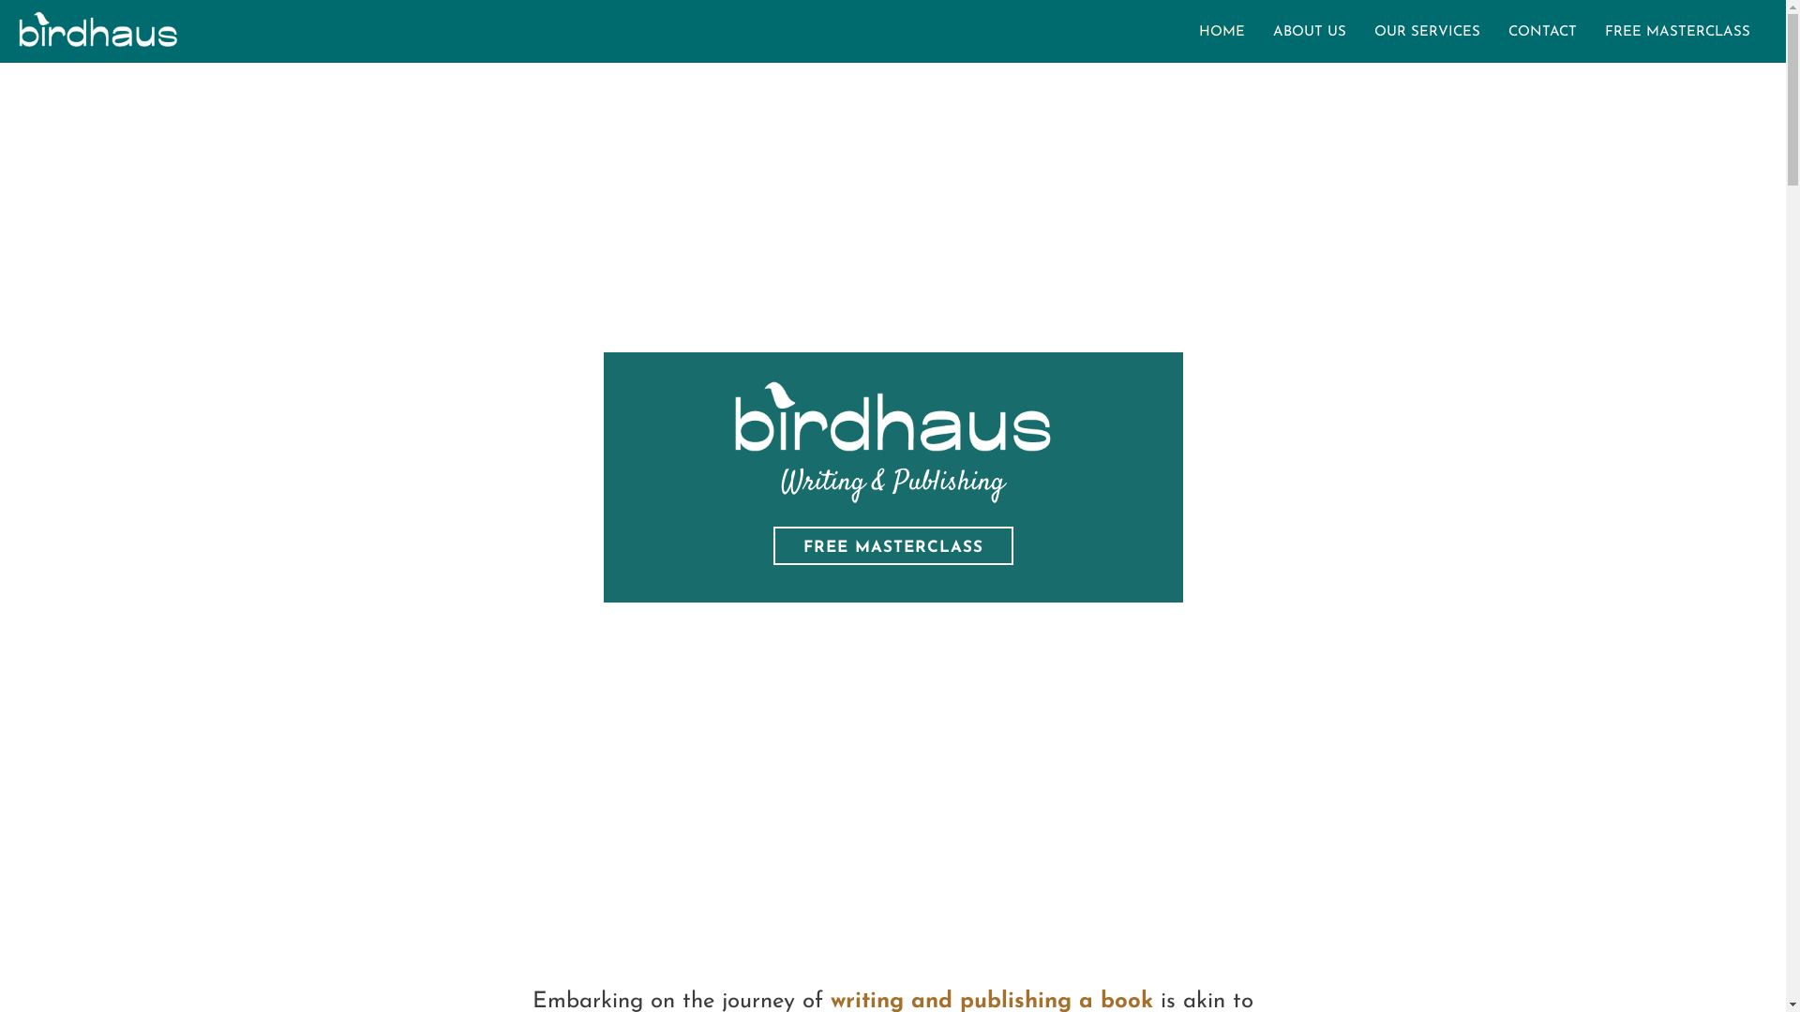  I want to click on 'CONTACT', so click(1542, 32).